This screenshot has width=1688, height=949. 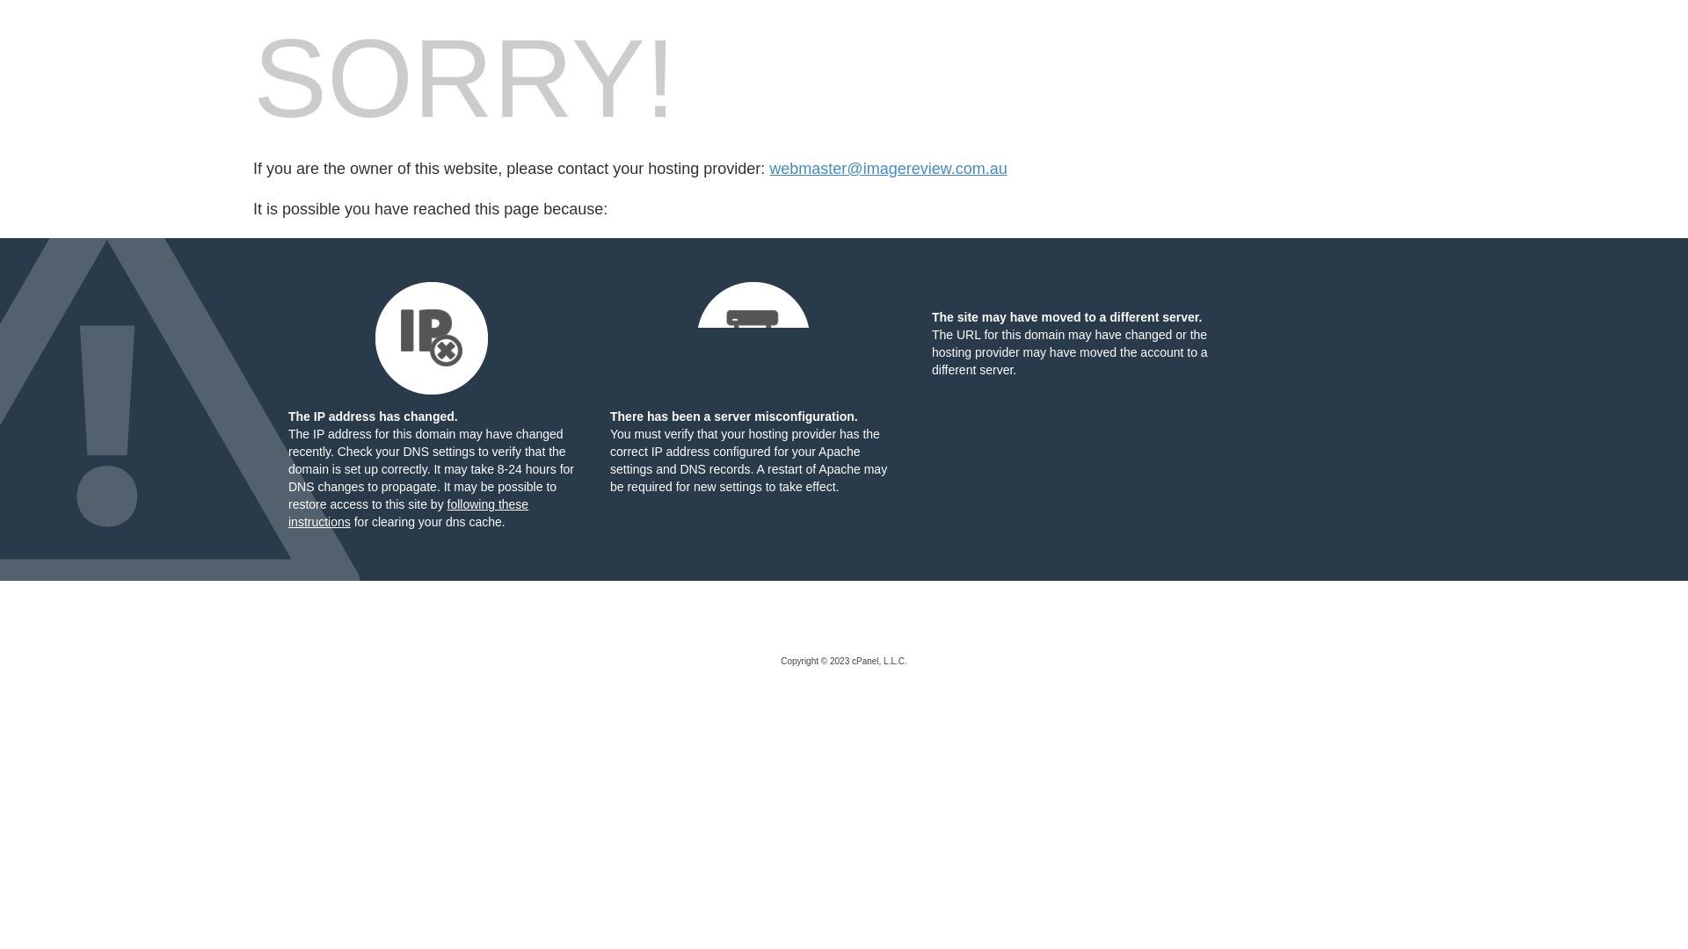 What do you see at coordinates (407, 512) in the screenshot?
I see `'following these instructions'` at bounding box center [407, 512].